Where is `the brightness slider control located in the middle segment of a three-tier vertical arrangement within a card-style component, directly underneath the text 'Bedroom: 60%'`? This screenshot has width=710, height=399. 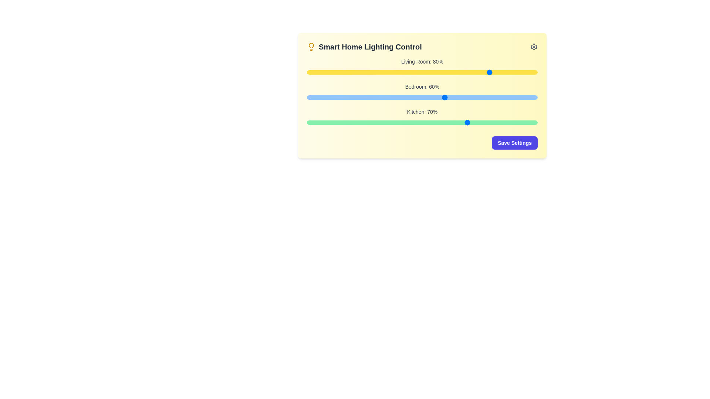 the brightness slider control located in the middle segment of a three-tier vertical arrangement within a card-style component, directly underneath the text 'Bedroom: 60%' is located at coordinates (422, 97).